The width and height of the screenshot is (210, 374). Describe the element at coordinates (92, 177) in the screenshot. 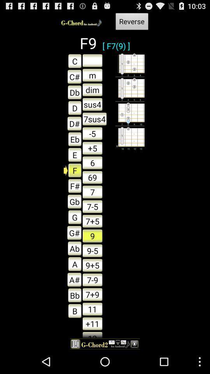

I see `the button next to f icon` at that location.